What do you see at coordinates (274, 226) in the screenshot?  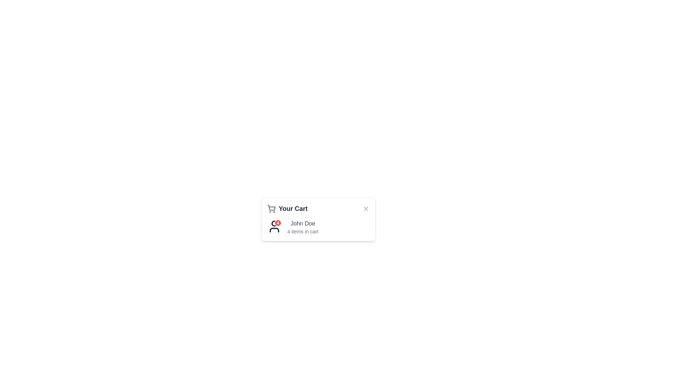 I see `notification count displayed on the Notification Badge located at the top-right corner of the user icon within the 'Your Cart' panel` at bounding box center [274, 226].